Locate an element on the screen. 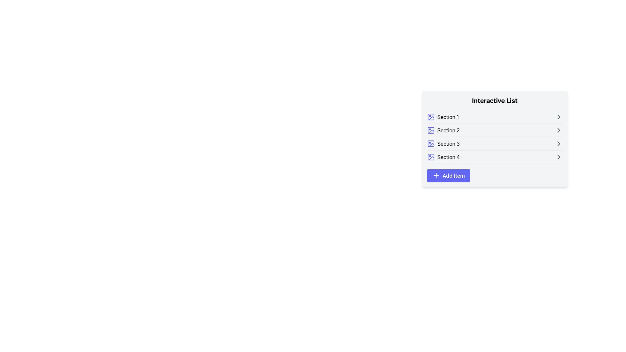 This screenshot has width=626, height=352. the arrow icon button located to the far right of the first row labeled 'Section 1' in the 'Interactive List' is located at coordinates (558, 116).